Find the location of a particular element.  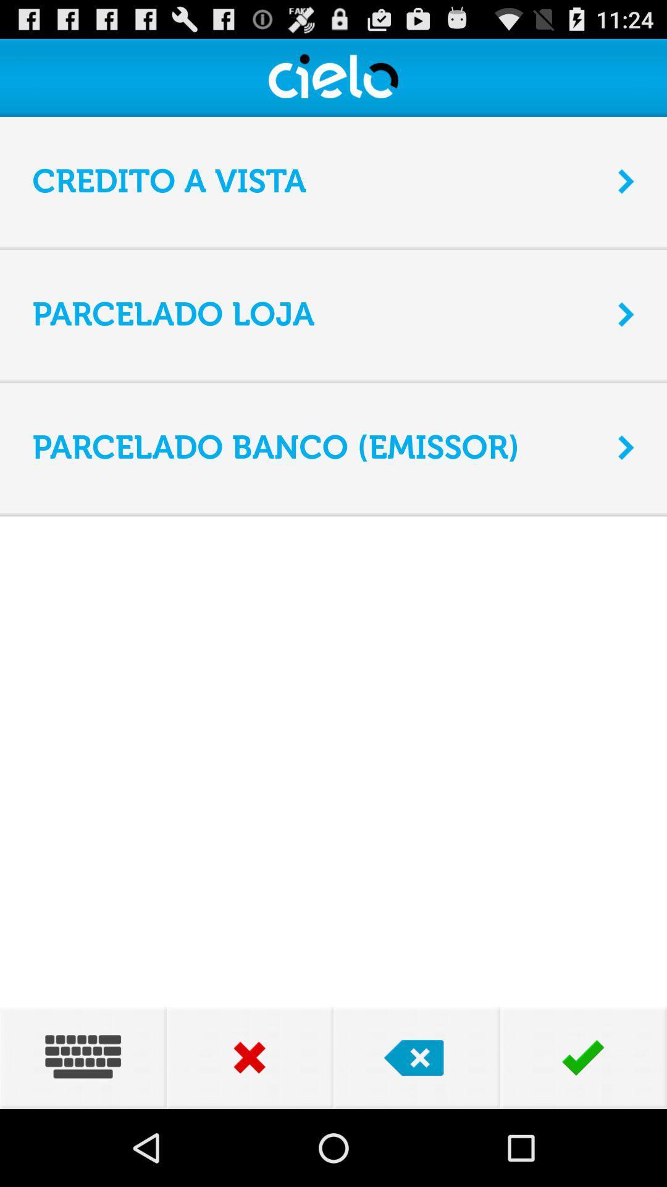

the icon below parcelado loja item is located at coordinates (333, 380).